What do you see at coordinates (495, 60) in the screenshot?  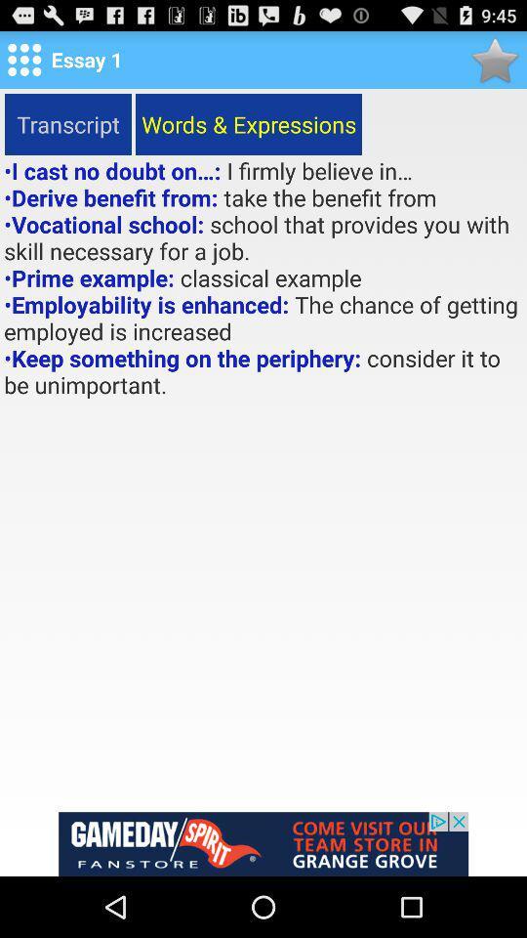 I see `idioms` at bounding box center [495, 60].